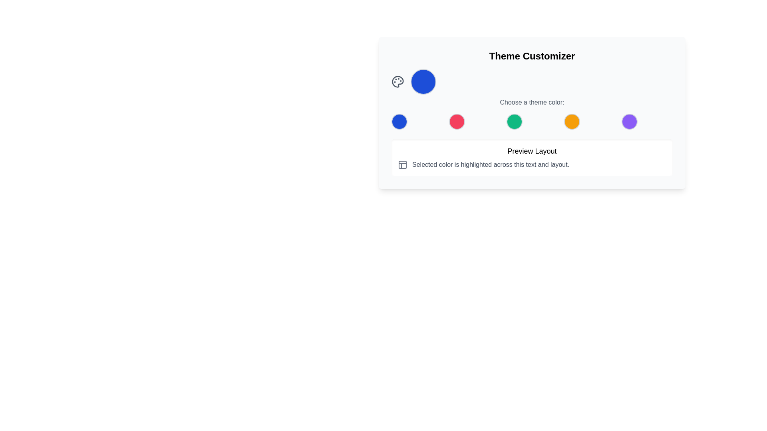 This screenshot has height=431, width=767. I want to click on the vibrant purple circular button with a gray border located at the rightmost side of the row, so click(629, 121).